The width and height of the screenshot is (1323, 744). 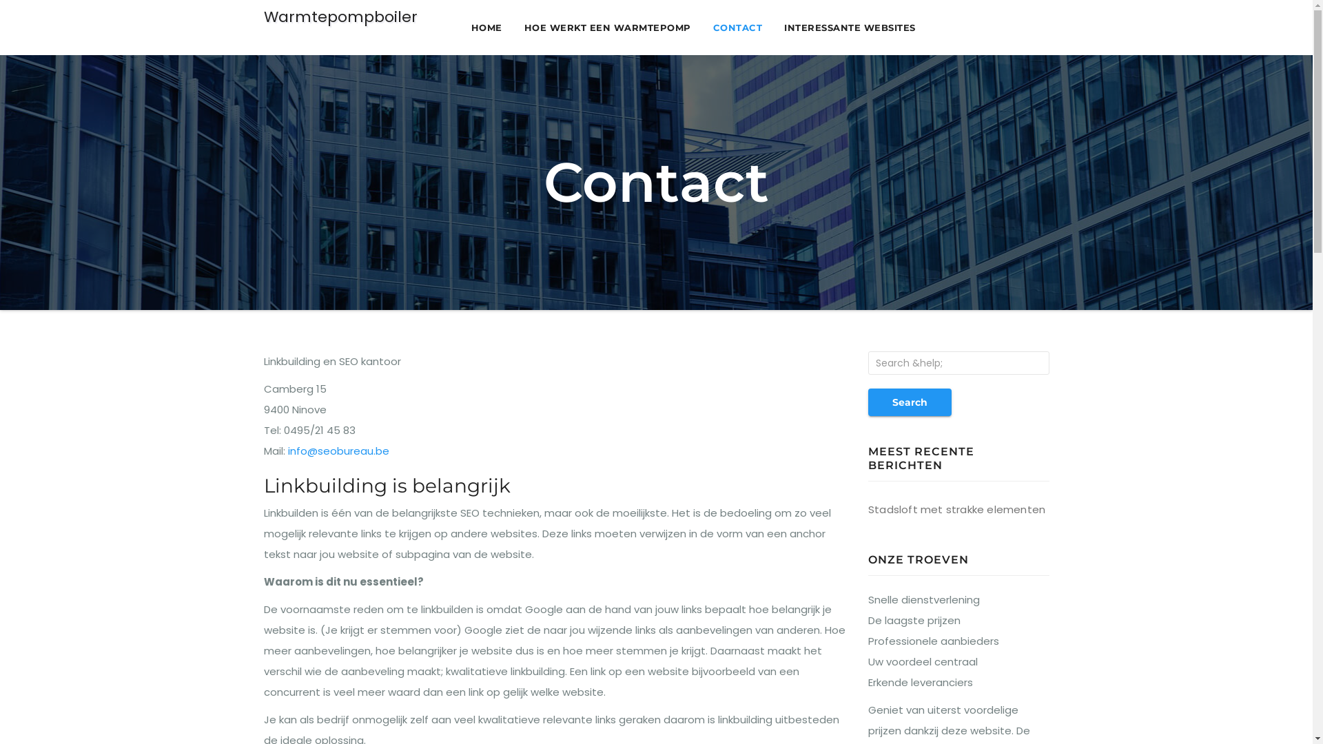 I want to click on 'INTERESSANTE WEBSITES', so click(x=849, y=27).